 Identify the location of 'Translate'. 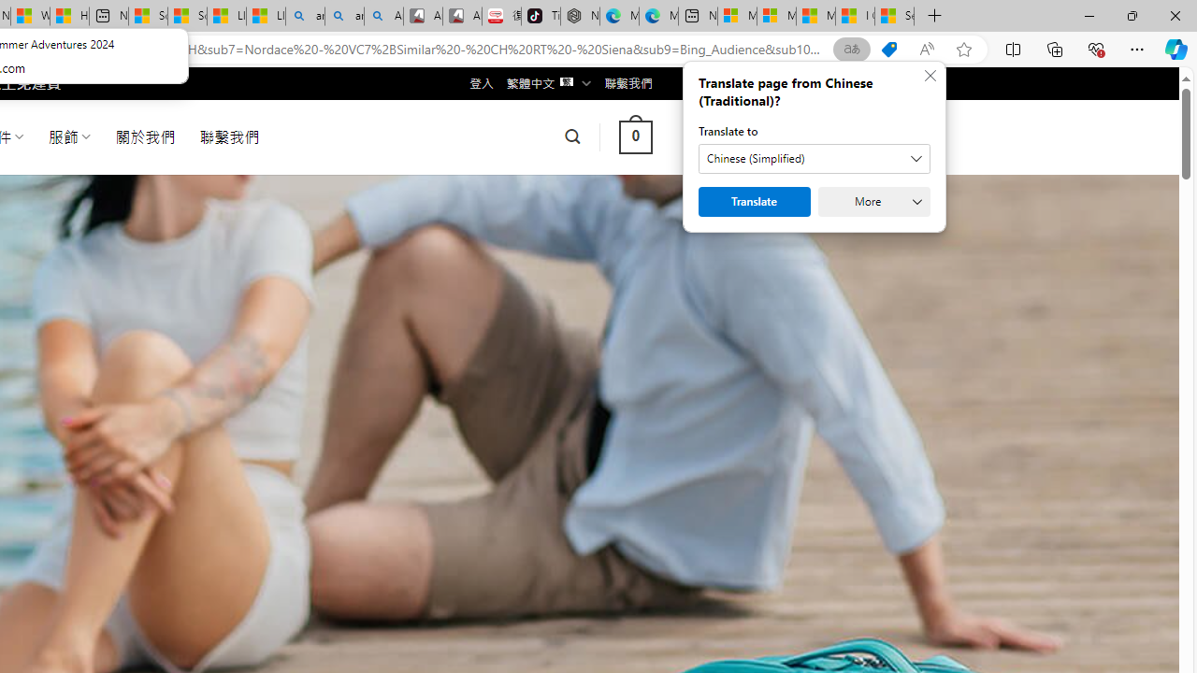
(755, 202).